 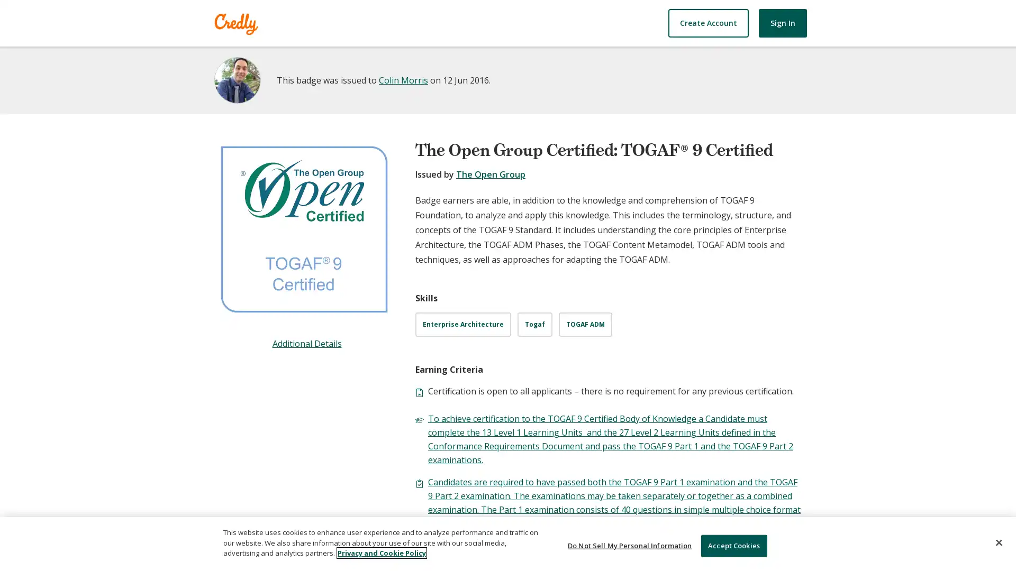 What do you see at coordinates (630, 546) in the screenshot?
I see `Do Not Sell My Personal Information` at bounding box center [630, 546].